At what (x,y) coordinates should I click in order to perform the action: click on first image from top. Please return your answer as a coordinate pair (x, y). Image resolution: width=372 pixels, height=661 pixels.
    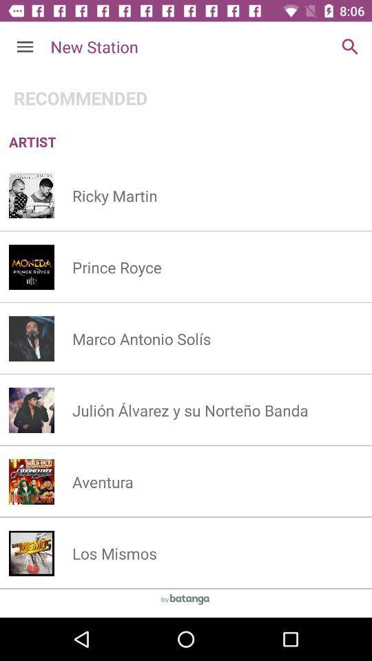
    Looking at the image, I should click on (32, 195).